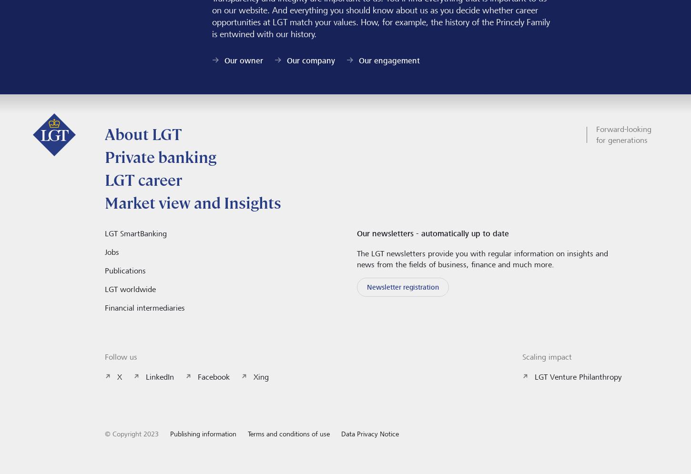  I want to click on 'Facebook', so click(213, 376).